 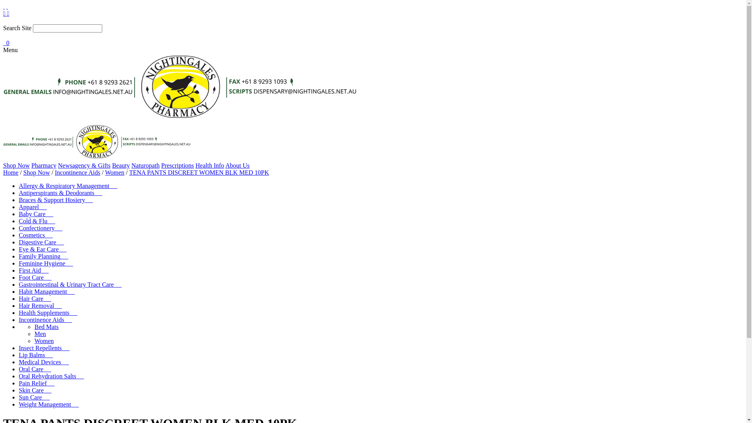 What do you see at coordinates (3, 165) in the screenshot?
I see `'Shop Now'` at bounding box center [3, 165].